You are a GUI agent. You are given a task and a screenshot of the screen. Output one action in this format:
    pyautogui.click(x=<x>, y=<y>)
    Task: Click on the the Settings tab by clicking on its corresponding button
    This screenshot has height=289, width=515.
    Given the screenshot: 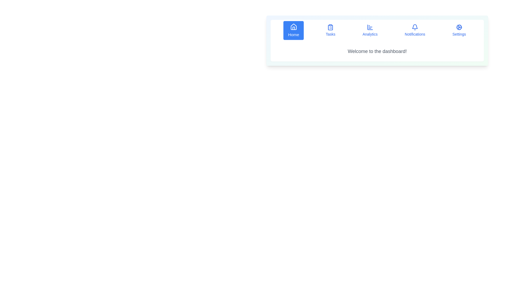 What is the action you would take?
    pyautogui.click(x=459, y=31)
    